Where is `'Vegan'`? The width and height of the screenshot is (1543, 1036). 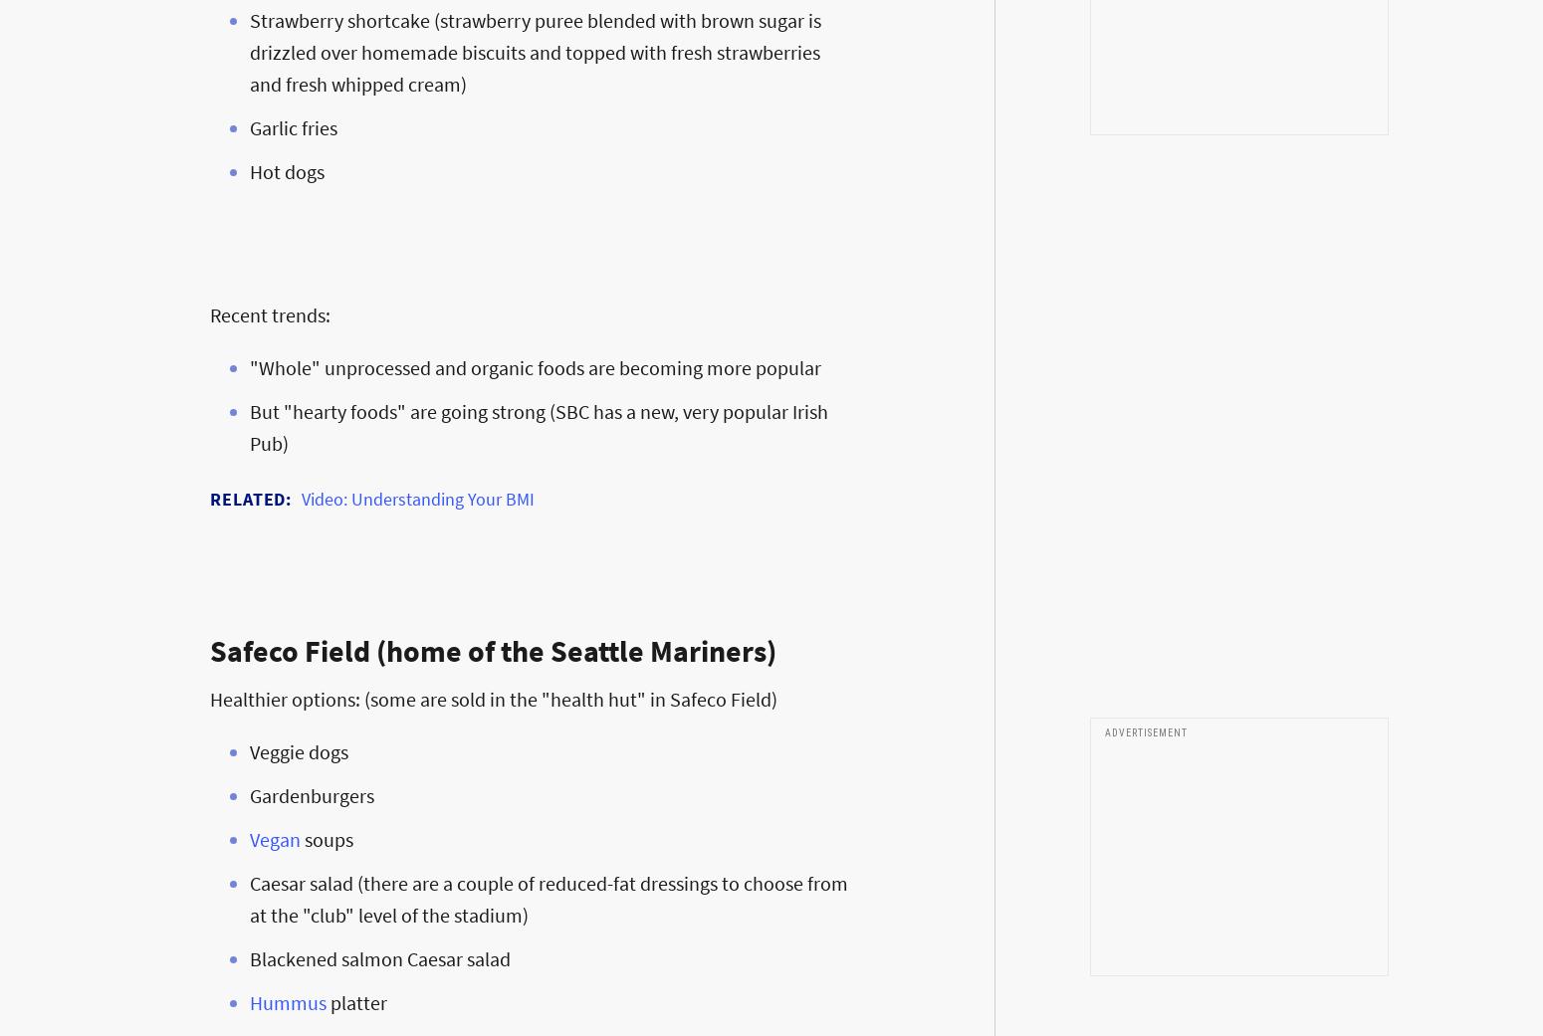
'Vegan' is located at coordinates (275, 838).